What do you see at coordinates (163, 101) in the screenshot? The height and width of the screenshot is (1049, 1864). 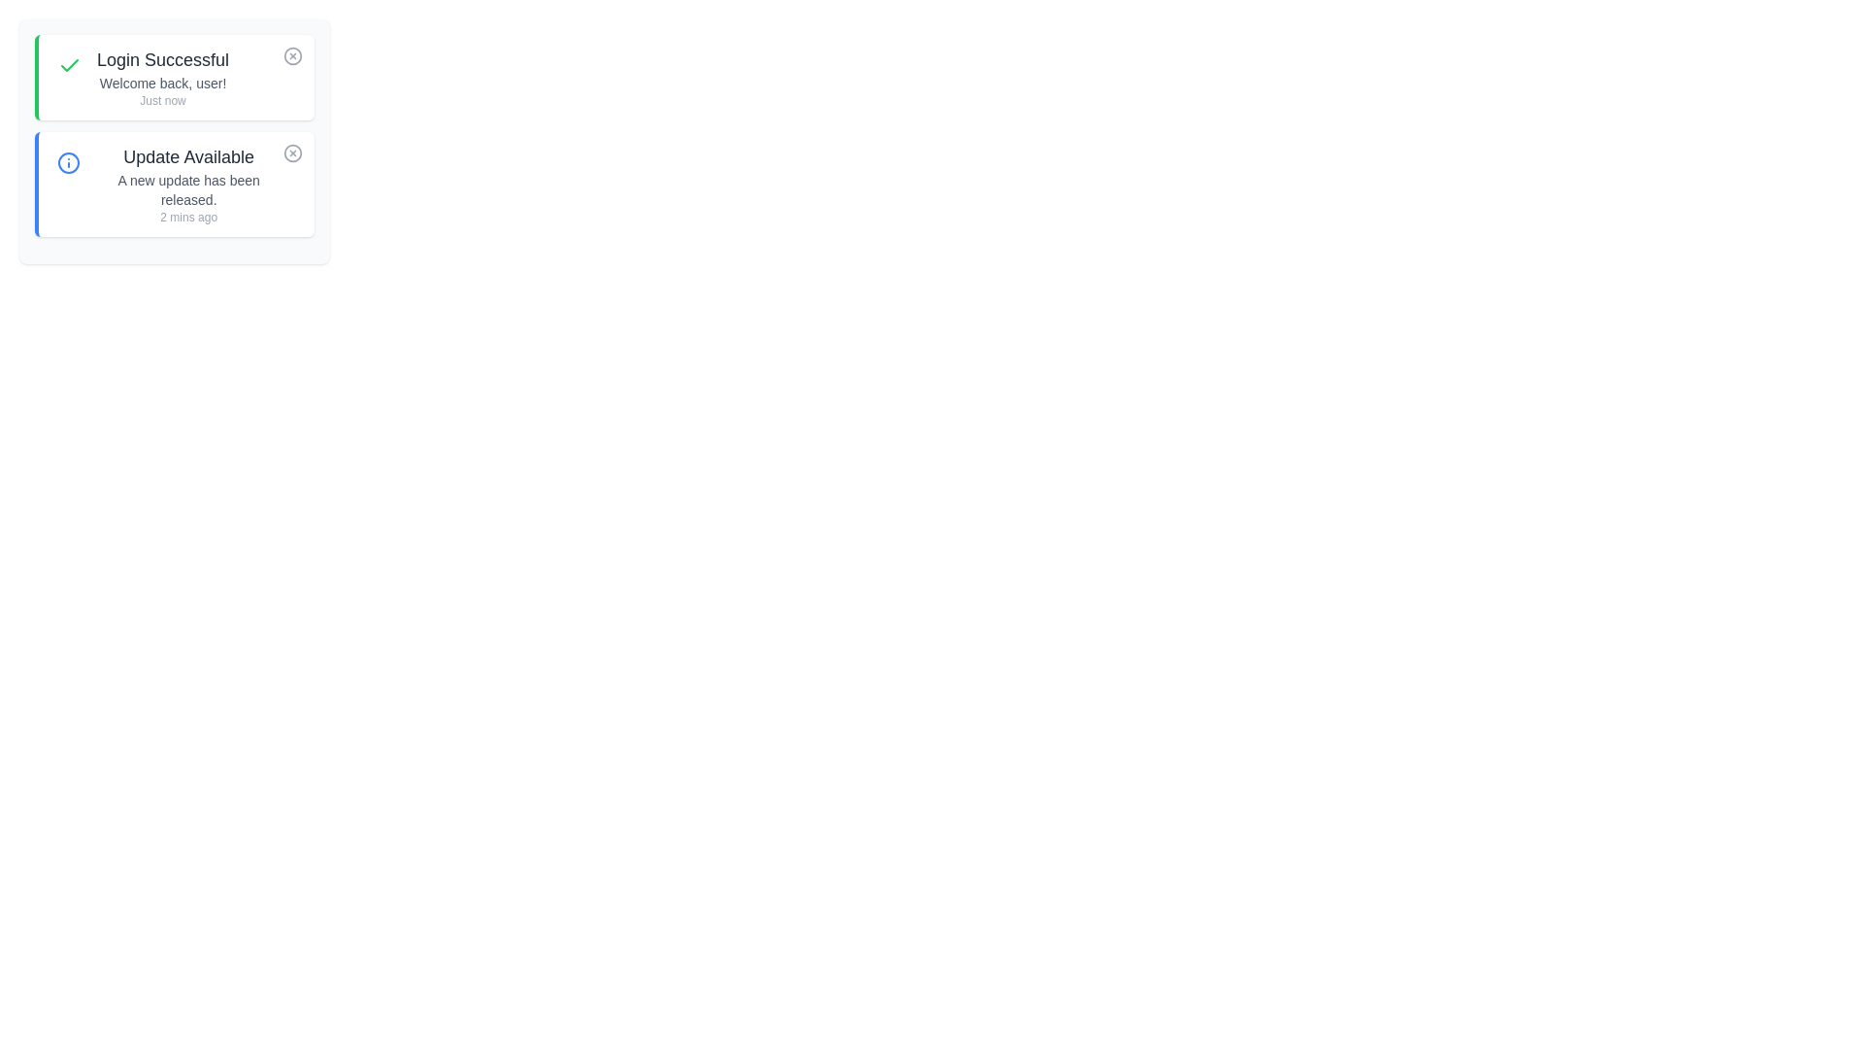 I see `the static text element displaying 'Just now', which is styled in a small, gray font and located below the 'Login Successful' title and the 'Welcome back, user!' subtitle` at bounding box center [163, 101].